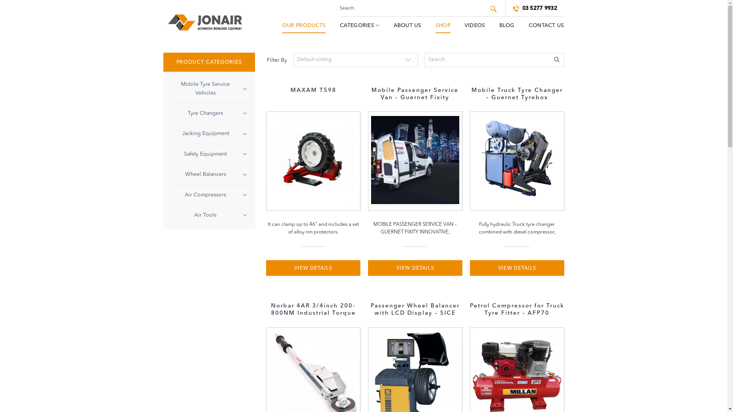  I want to click on 'CONTACT US', so click(546, 24).